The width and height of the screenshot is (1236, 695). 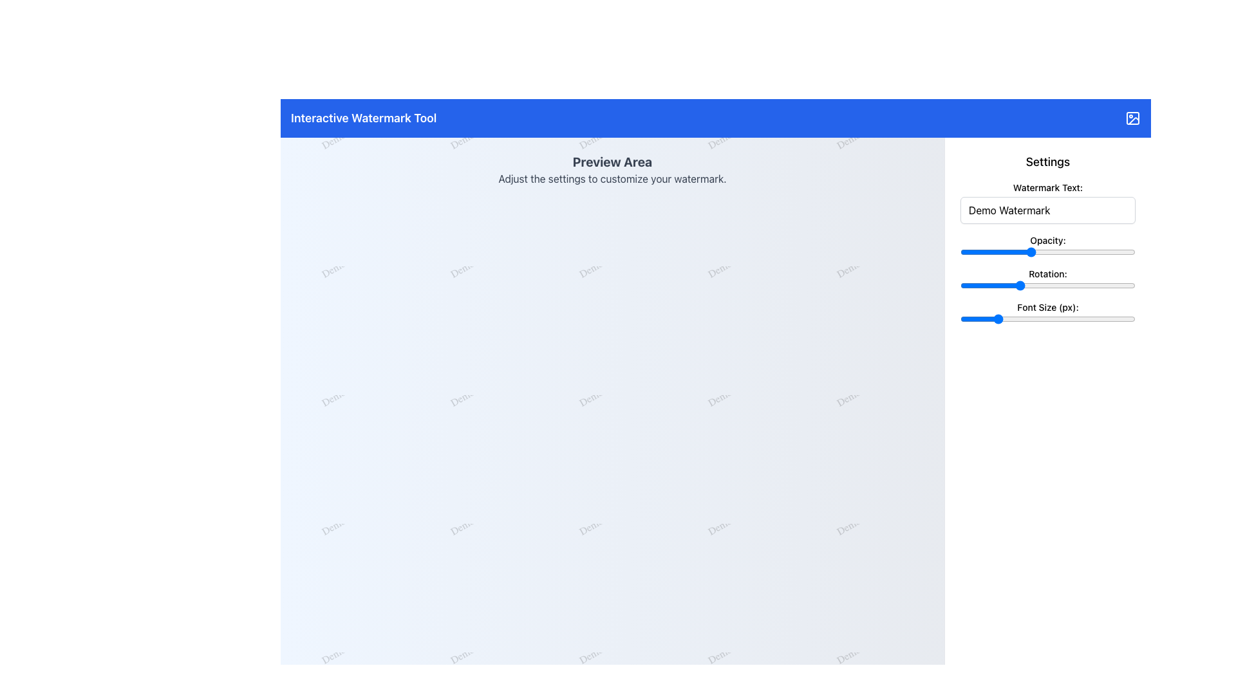 I want to click on font size, so click(x=1088, y=319).